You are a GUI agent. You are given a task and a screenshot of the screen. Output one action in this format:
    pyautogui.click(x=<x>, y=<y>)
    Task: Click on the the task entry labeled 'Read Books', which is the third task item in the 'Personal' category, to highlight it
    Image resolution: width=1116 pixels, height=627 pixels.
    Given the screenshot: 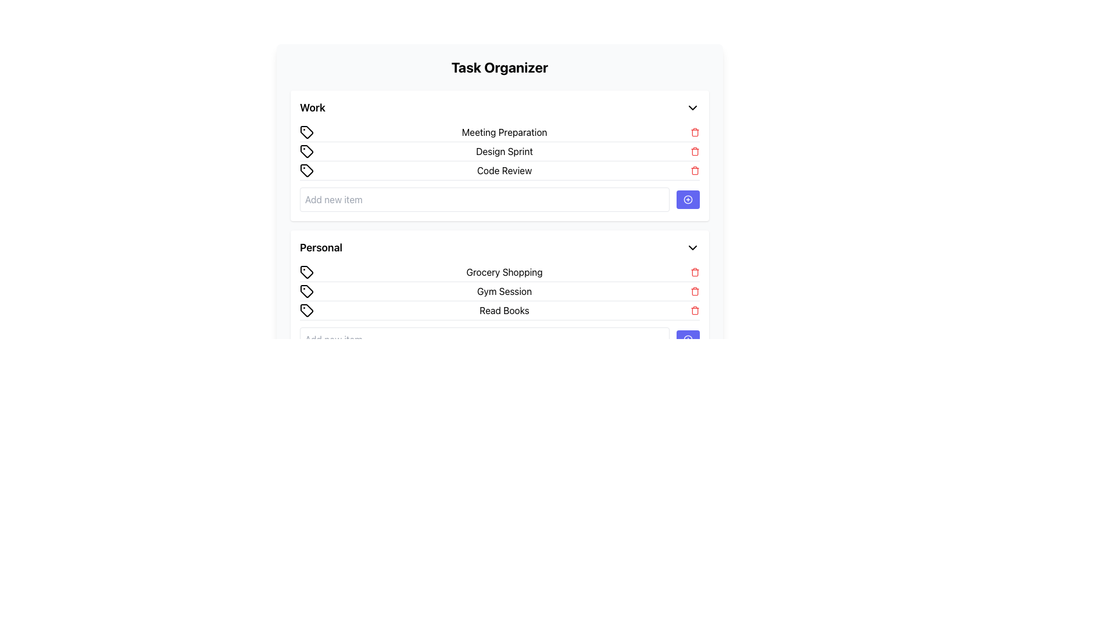 What is the action you would take?
    pyautogui.click(x=499, y=307)
    